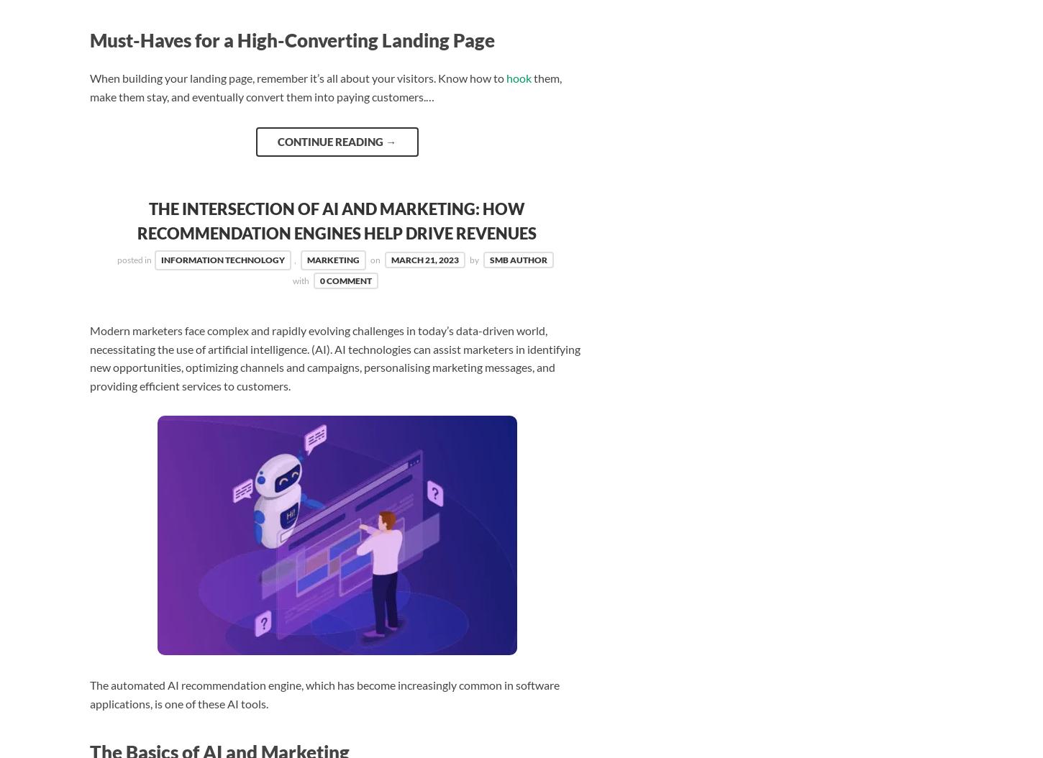 Image resolution: width=1043 pixels, height=758 pixels. I want to click on 'on', so click(376, 260).